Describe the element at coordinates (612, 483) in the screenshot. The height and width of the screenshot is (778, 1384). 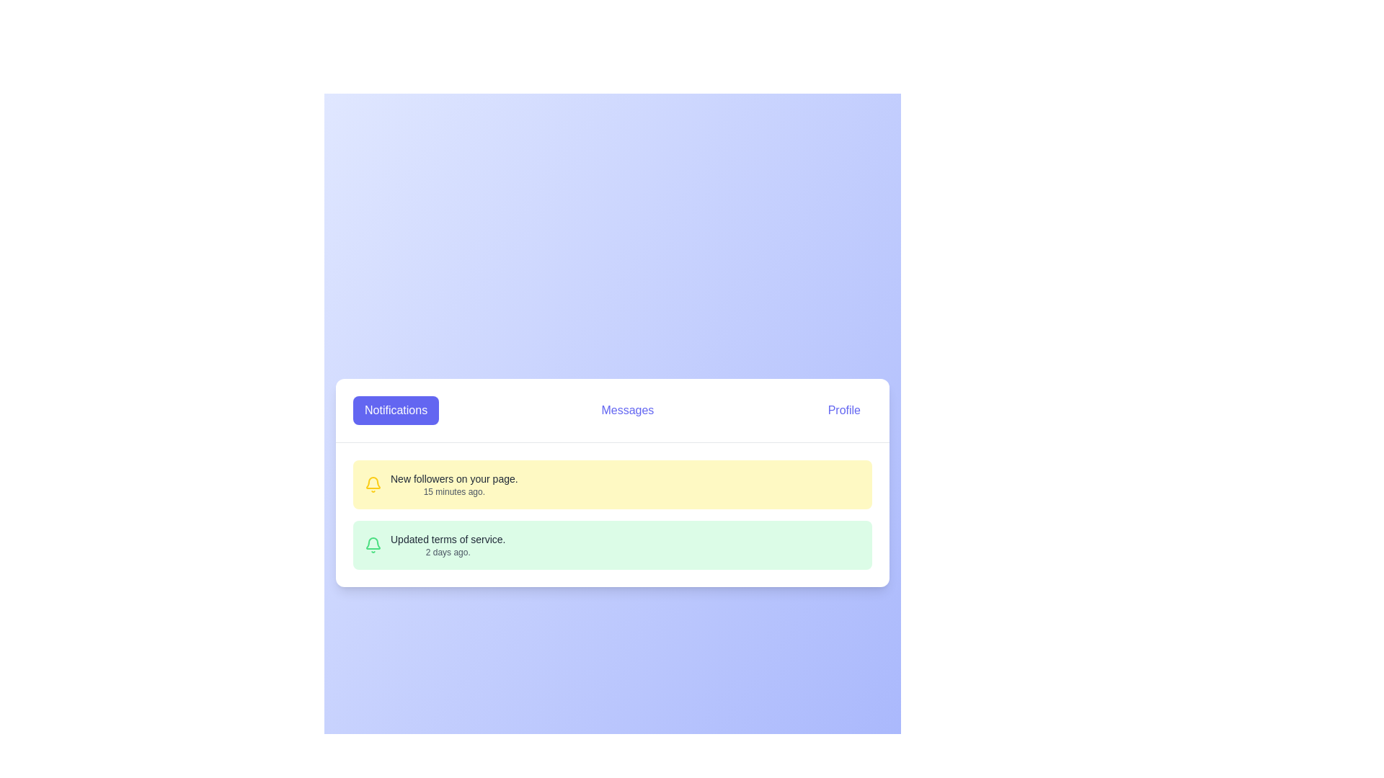
I see `the first notification item indicating a new follower, which is located below the 'Notifications' button and above another notification entry` at that location.